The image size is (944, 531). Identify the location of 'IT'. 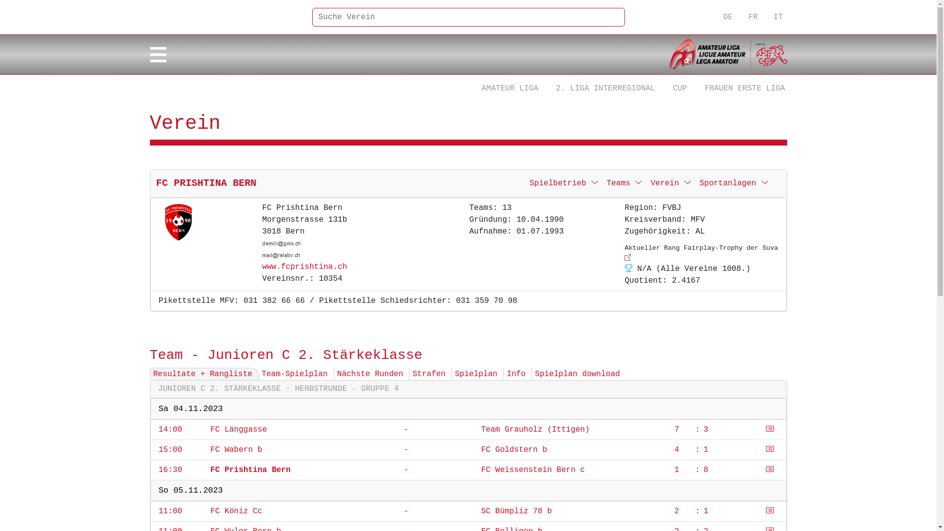
(777, 17).